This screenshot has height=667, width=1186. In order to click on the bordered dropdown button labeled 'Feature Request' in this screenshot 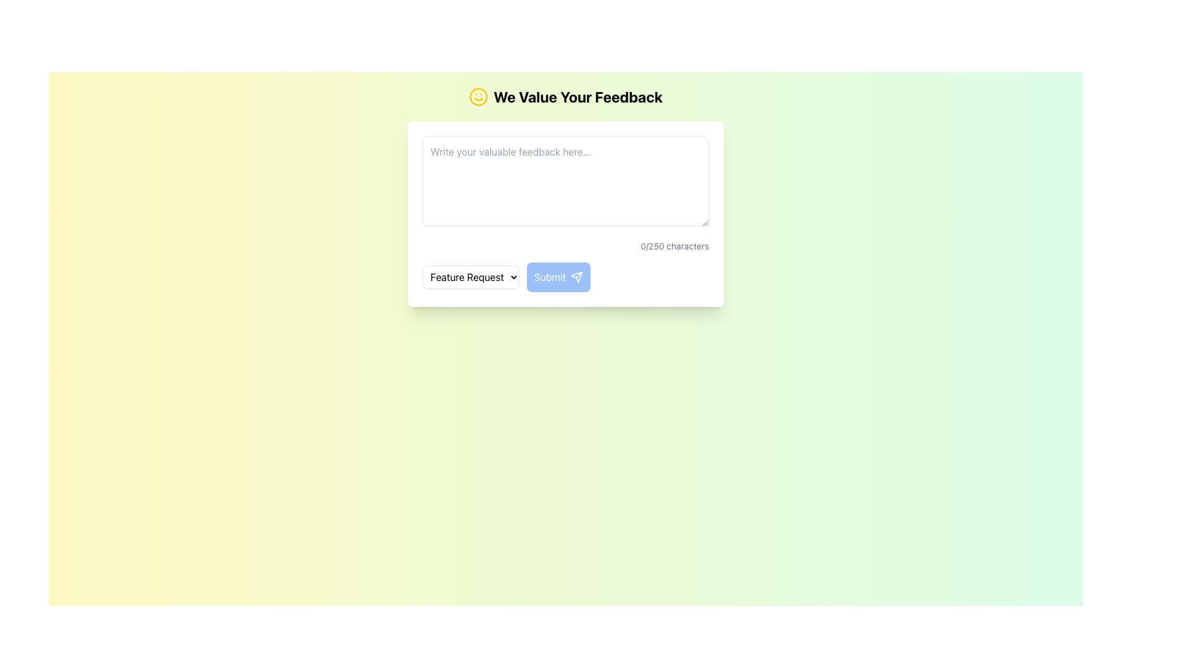, I will do `click(470, 276)`.